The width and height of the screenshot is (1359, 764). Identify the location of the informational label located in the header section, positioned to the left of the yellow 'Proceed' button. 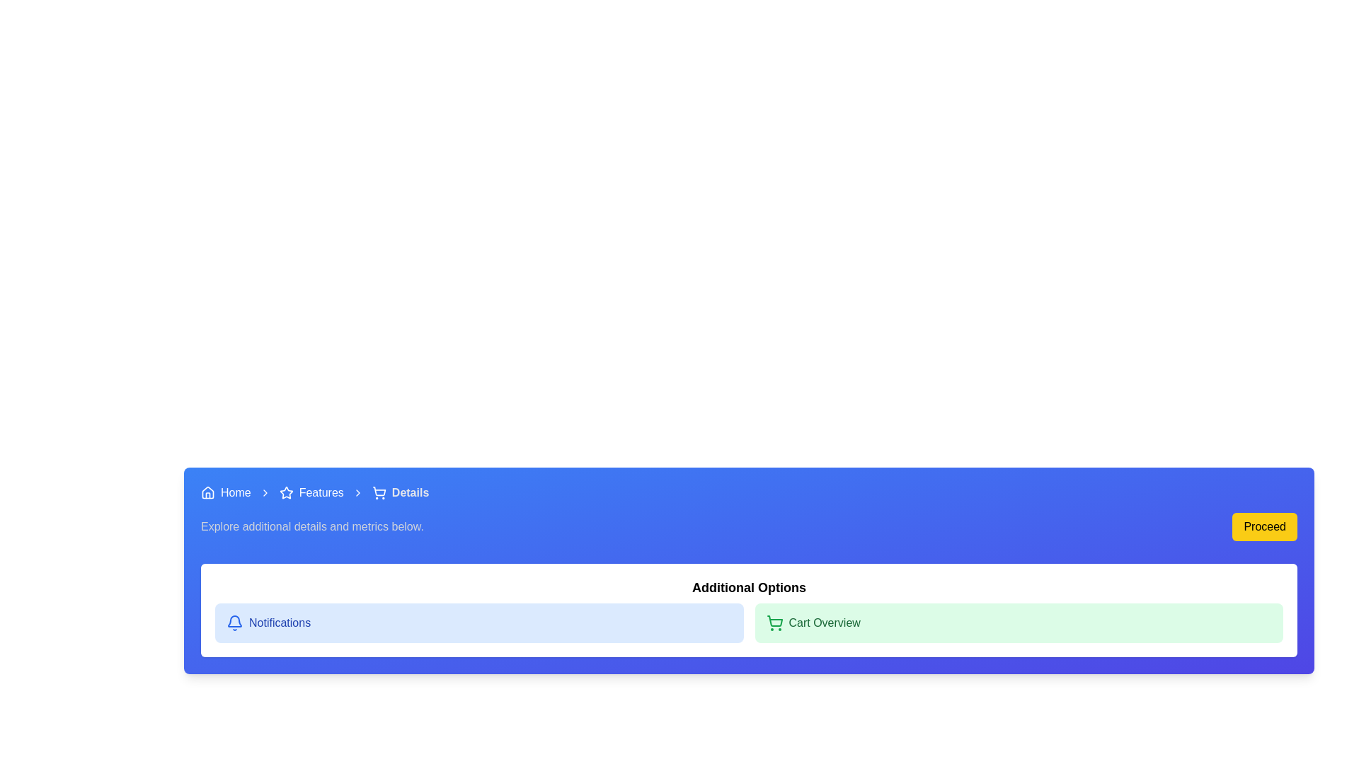
(311, 526).